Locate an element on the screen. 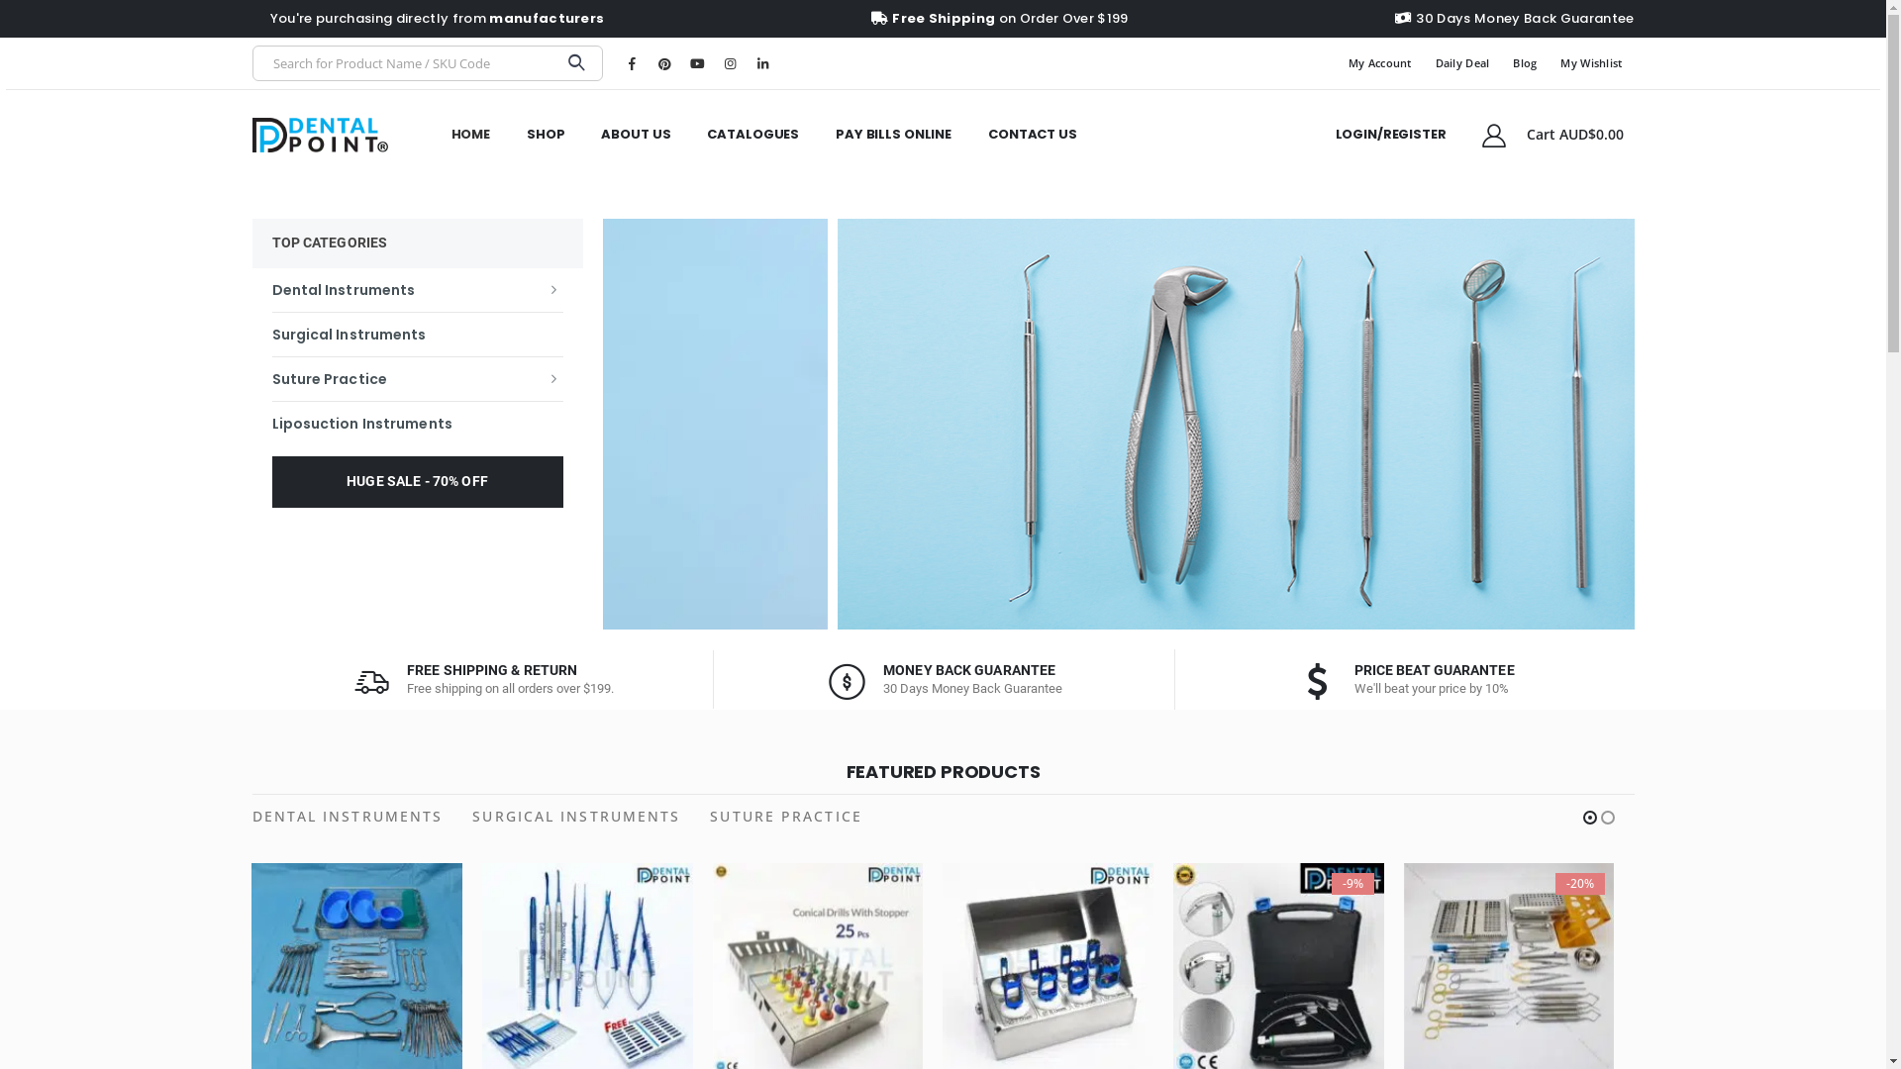  'My Wishlist' is located at coordinates (1548, 62).